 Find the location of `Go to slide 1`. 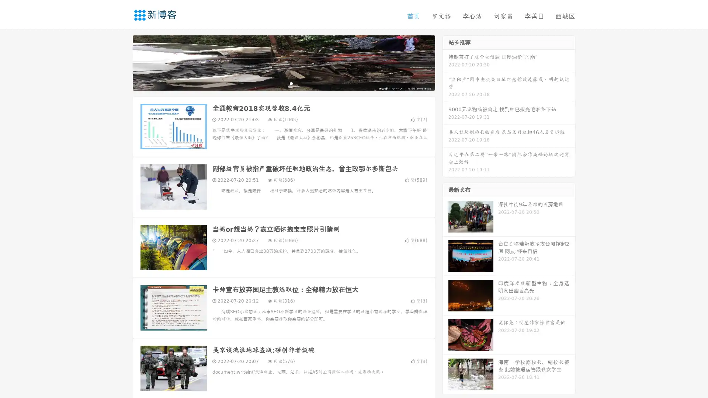

Go to slide 1 is located at coordinates (276, 83).